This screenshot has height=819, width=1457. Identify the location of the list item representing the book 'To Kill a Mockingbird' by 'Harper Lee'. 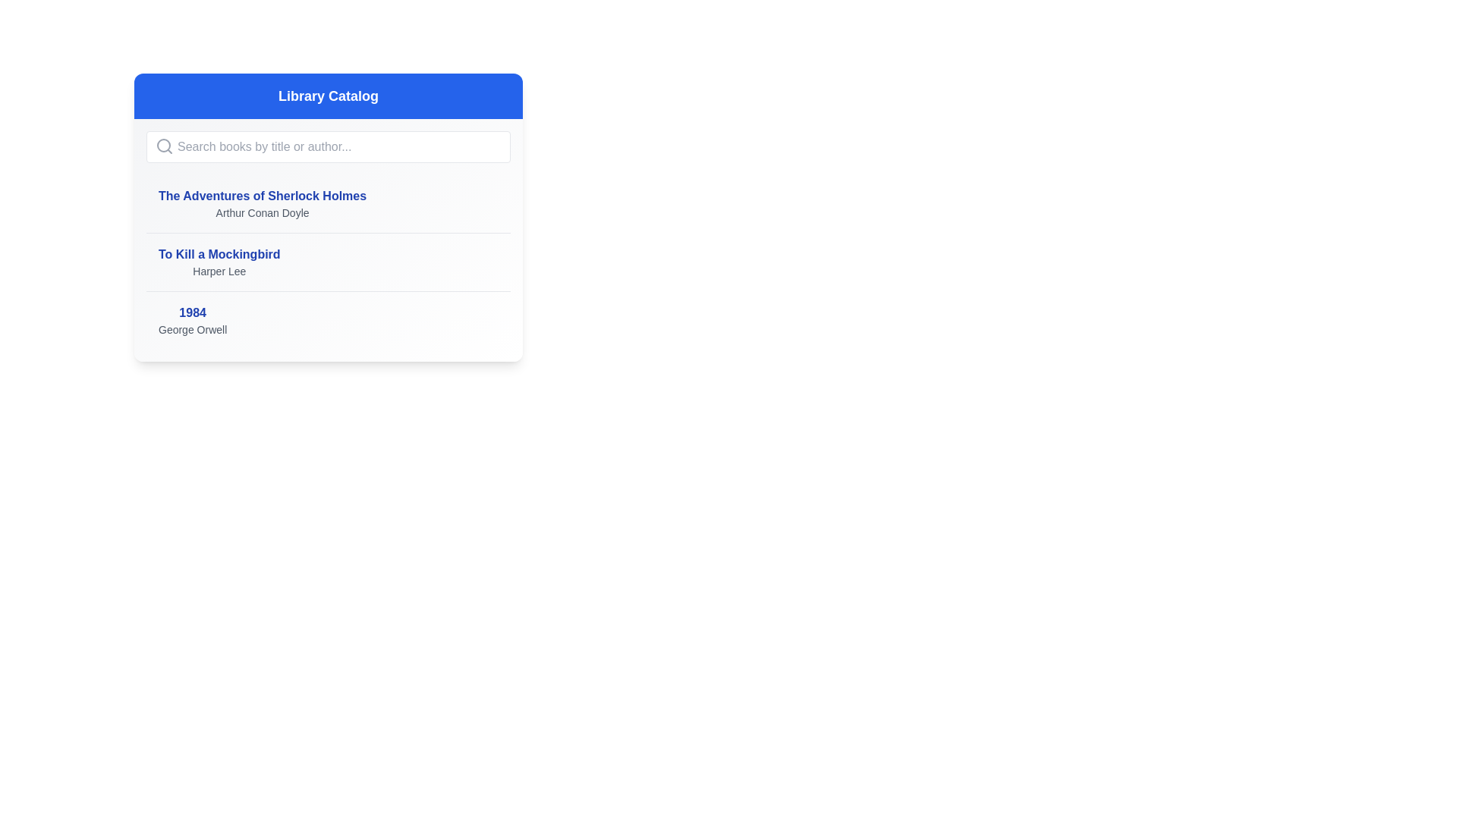
(327, 261).